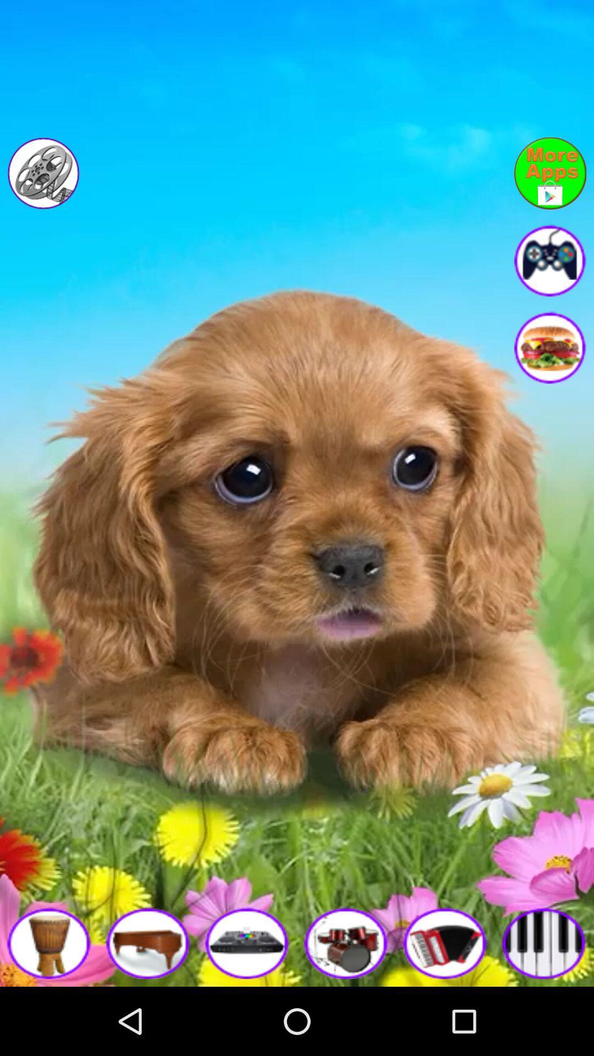 Image resolution: width=594 pixels, height=1056 pixels. Describe the element at coordinates (446, 942) in the screenshot. I see `the accordion music instrument` at that location.